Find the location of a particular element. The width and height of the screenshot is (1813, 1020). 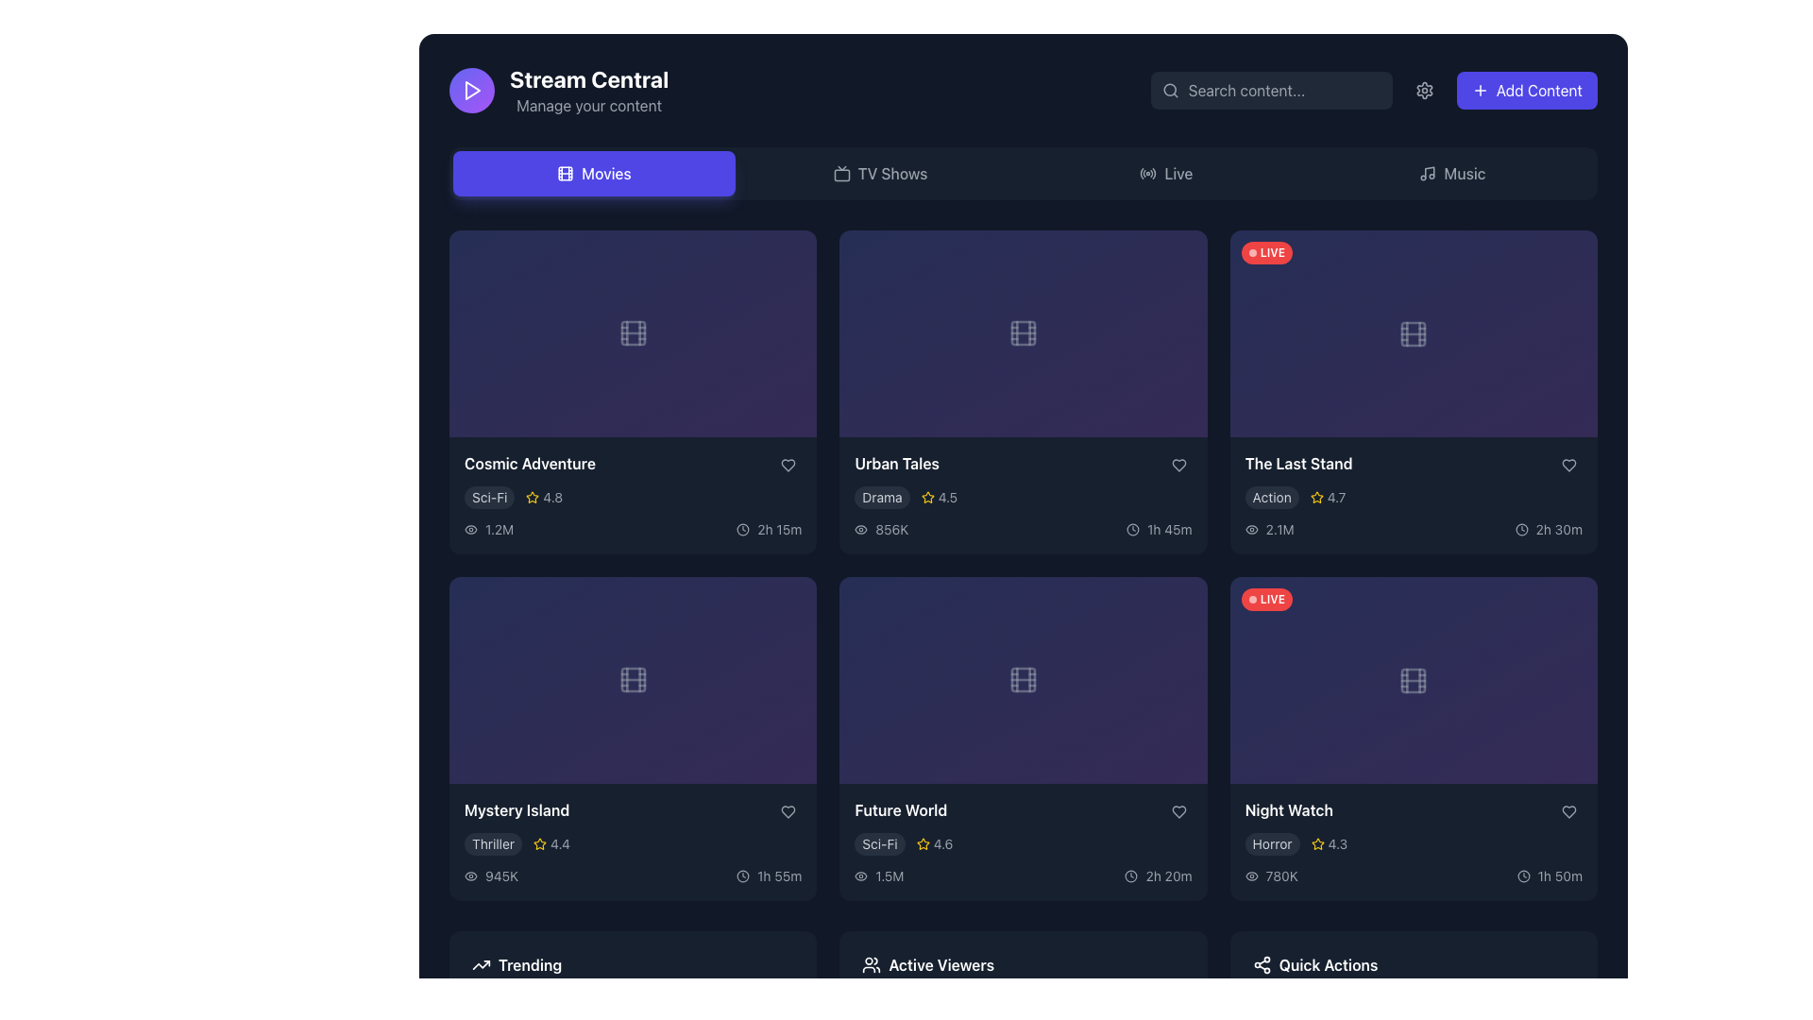

text label that says 'Quick Actions', which is styled in bold white font and located at the bottom-right corner of the interface, near a share icon is located at coordinates (1328, 965).